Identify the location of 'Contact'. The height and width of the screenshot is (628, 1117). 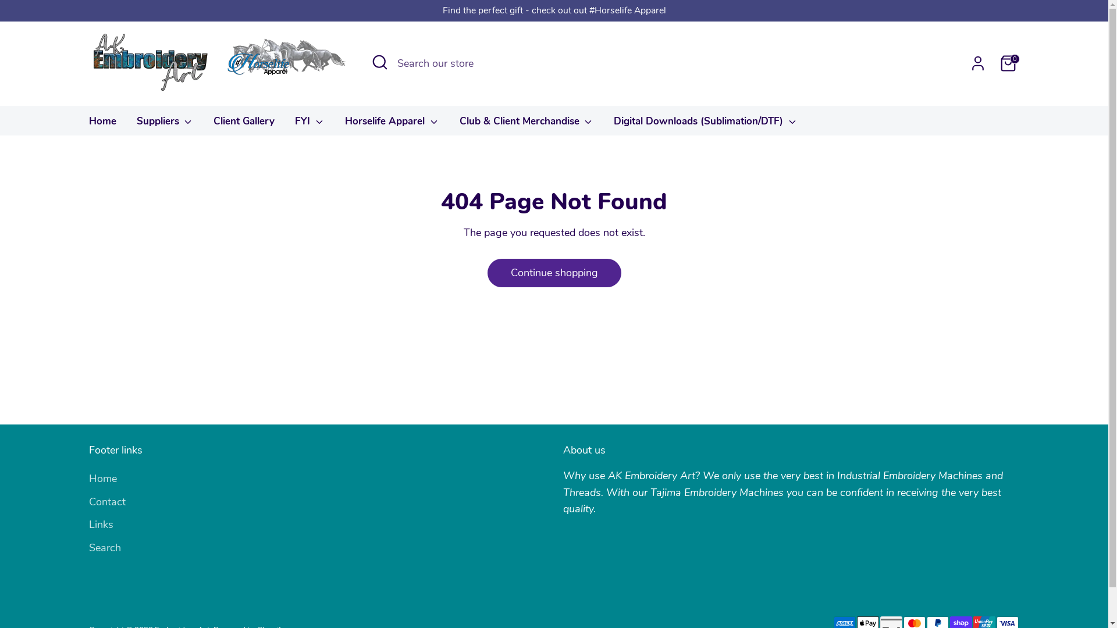
(88, 501).